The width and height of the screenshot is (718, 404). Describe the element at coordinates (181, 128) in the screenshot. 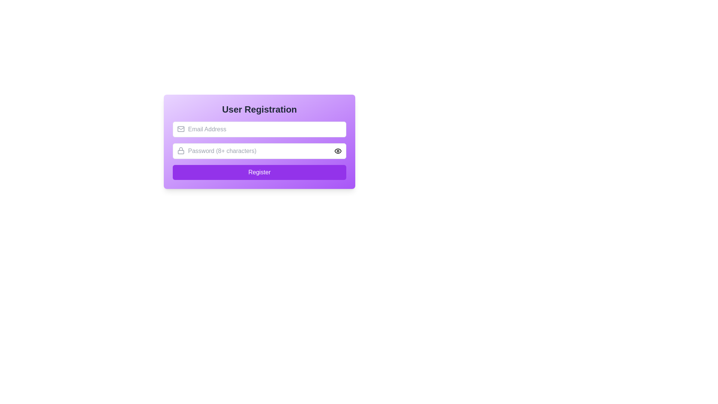

I see `the Icon Background element, which is a rectangular shape with rounded corners, located at the start of the 'Email Address' input field` at that location.